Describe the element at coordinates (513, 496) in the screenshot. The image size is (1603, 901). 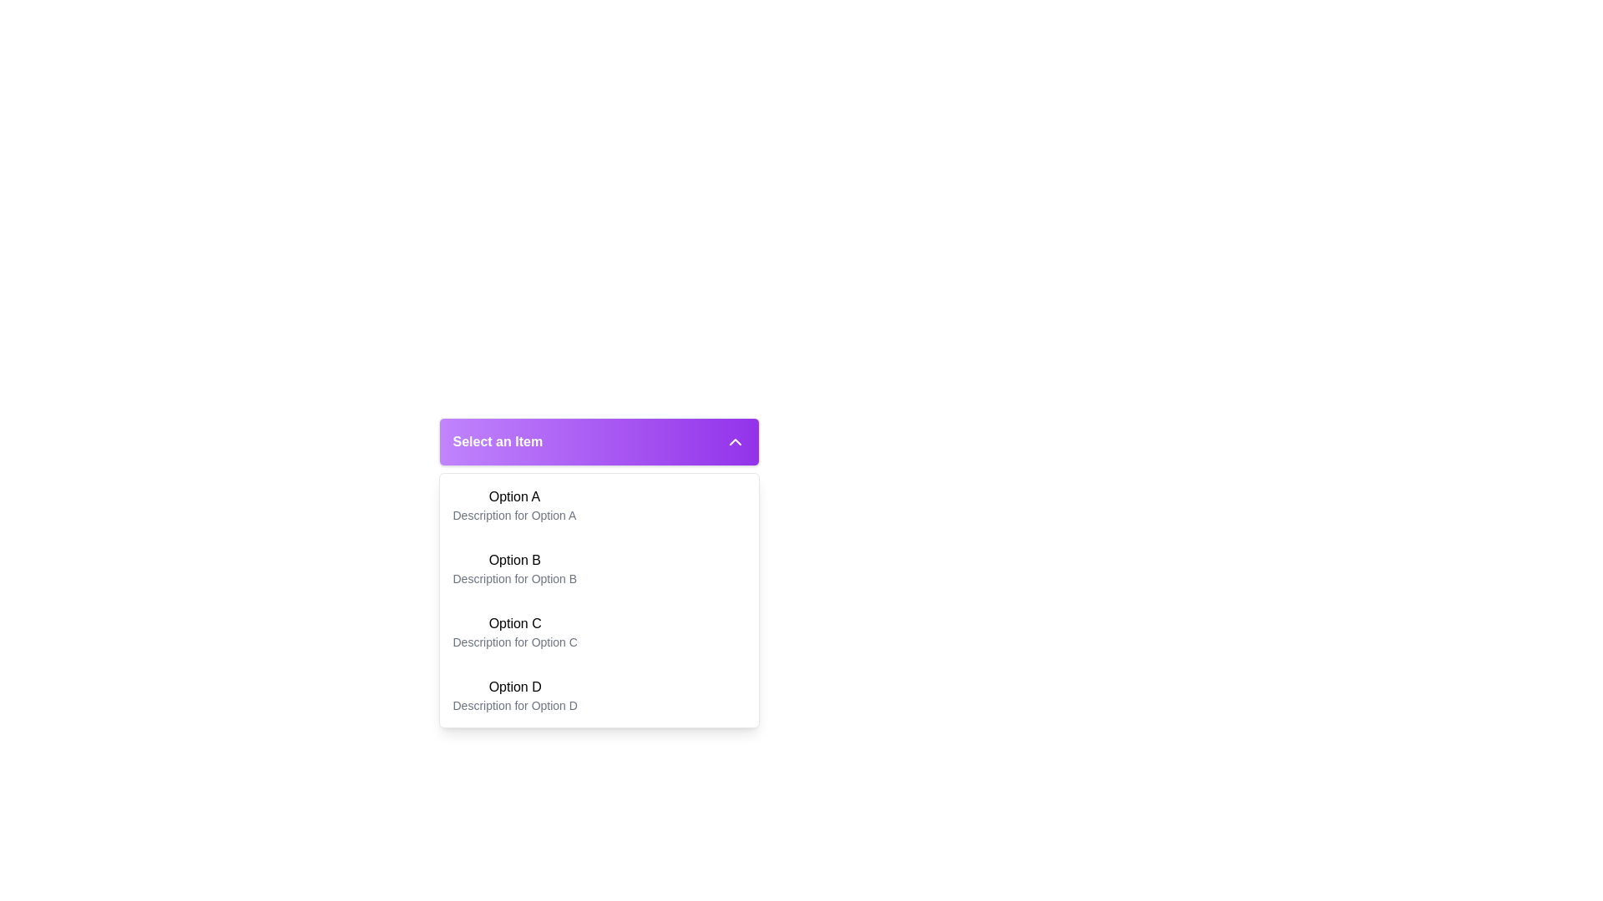
I see `text of the first title in the list of selectable options, which displays 'Option A'` at that location.